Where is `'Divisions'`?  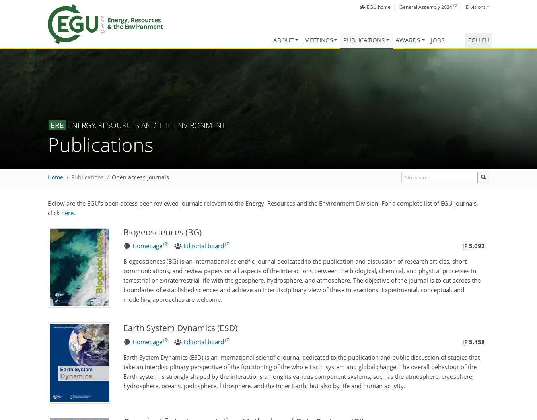 'Divisions' is located at coordinates (475, 6).